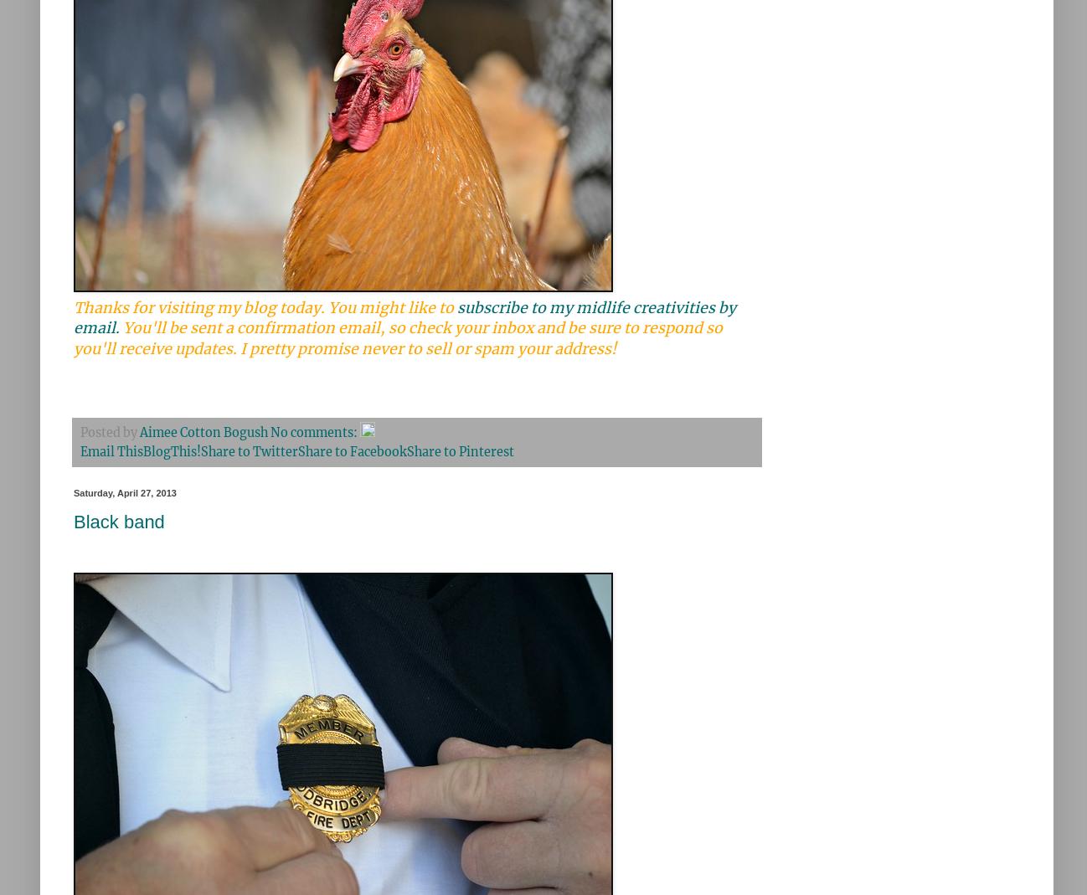 The height and width of the screenshot is (895, 1087). I want to click on 'BlogThis!', so click(172, 450).